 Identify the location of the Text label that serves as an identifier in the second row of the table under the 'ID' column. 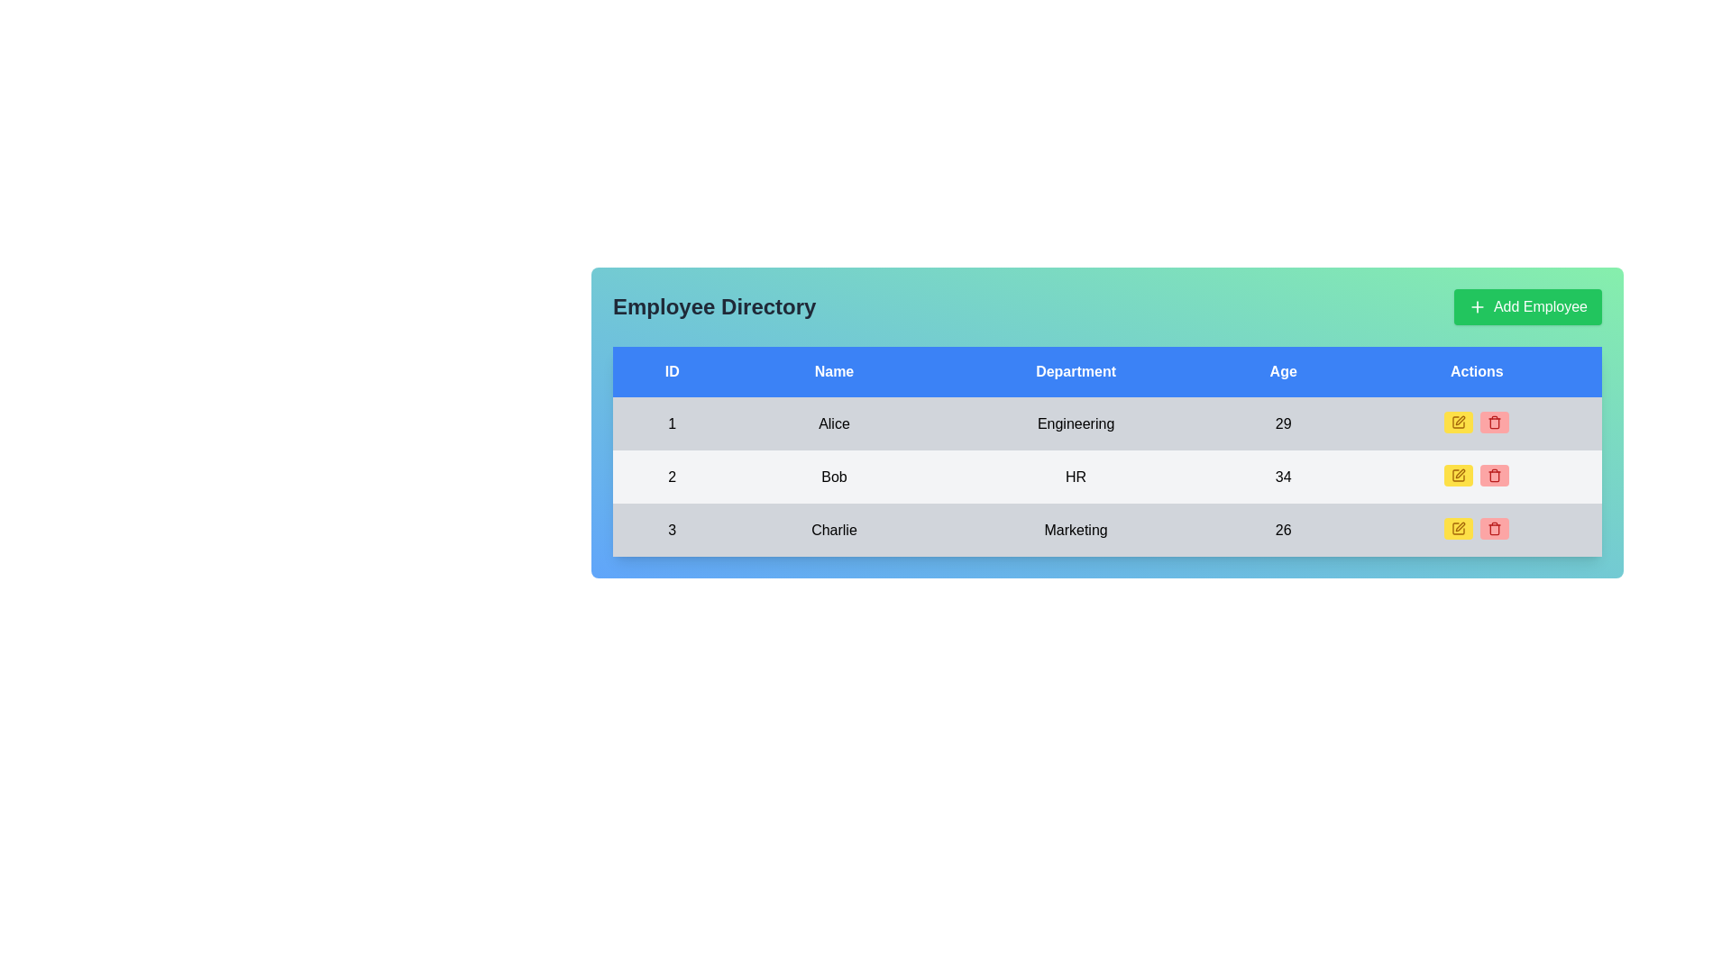
(671, 476).